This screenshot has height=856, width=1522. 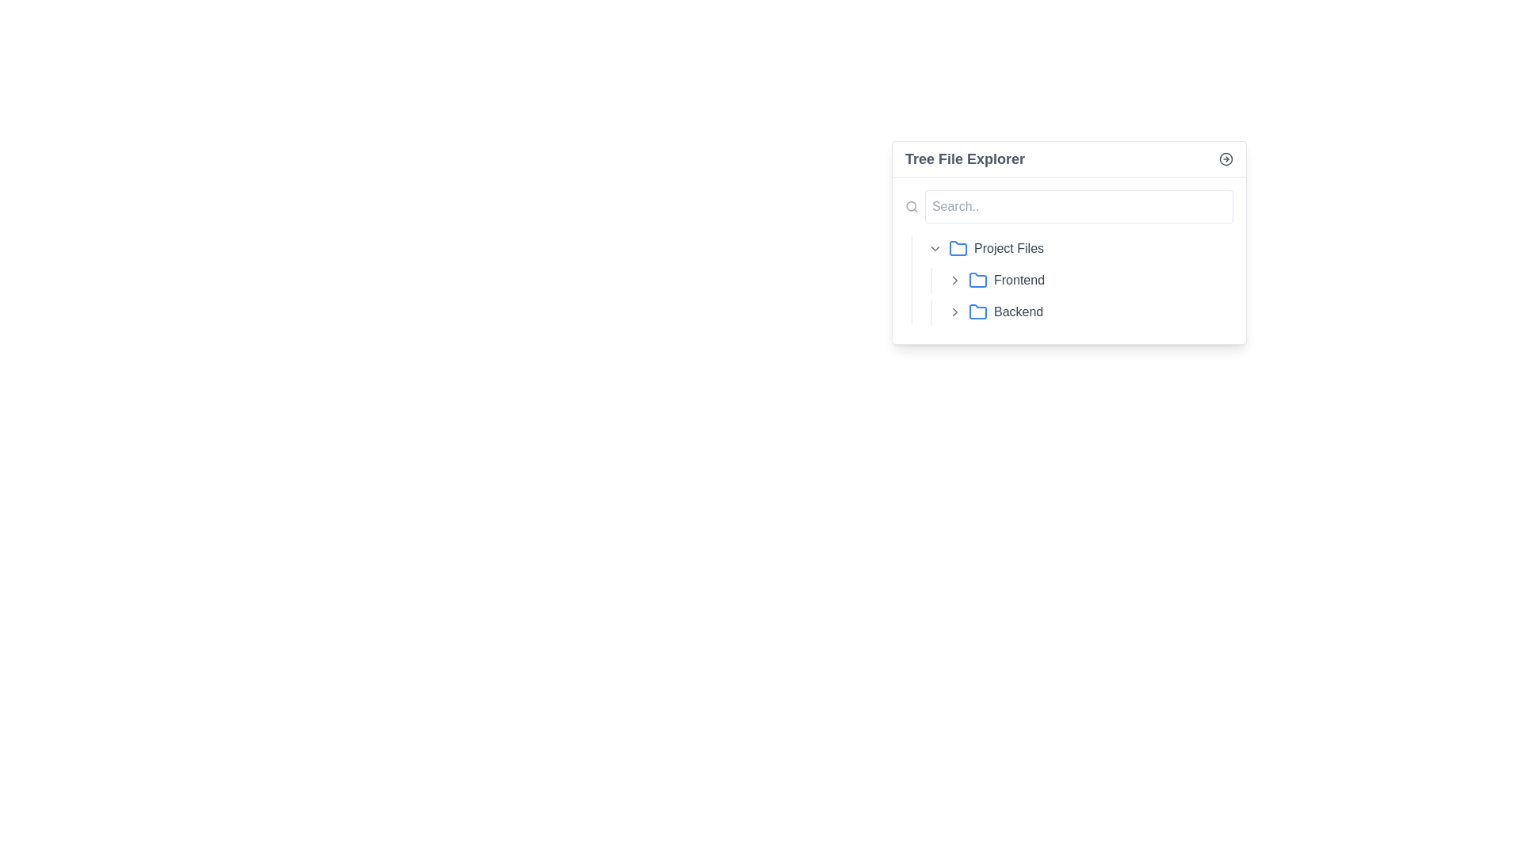 What do you see at coordinates (1088, 311) in the screenshot?
I see `the 'Backend' folder entry in the treeview` at bounding box center [1088, 311].